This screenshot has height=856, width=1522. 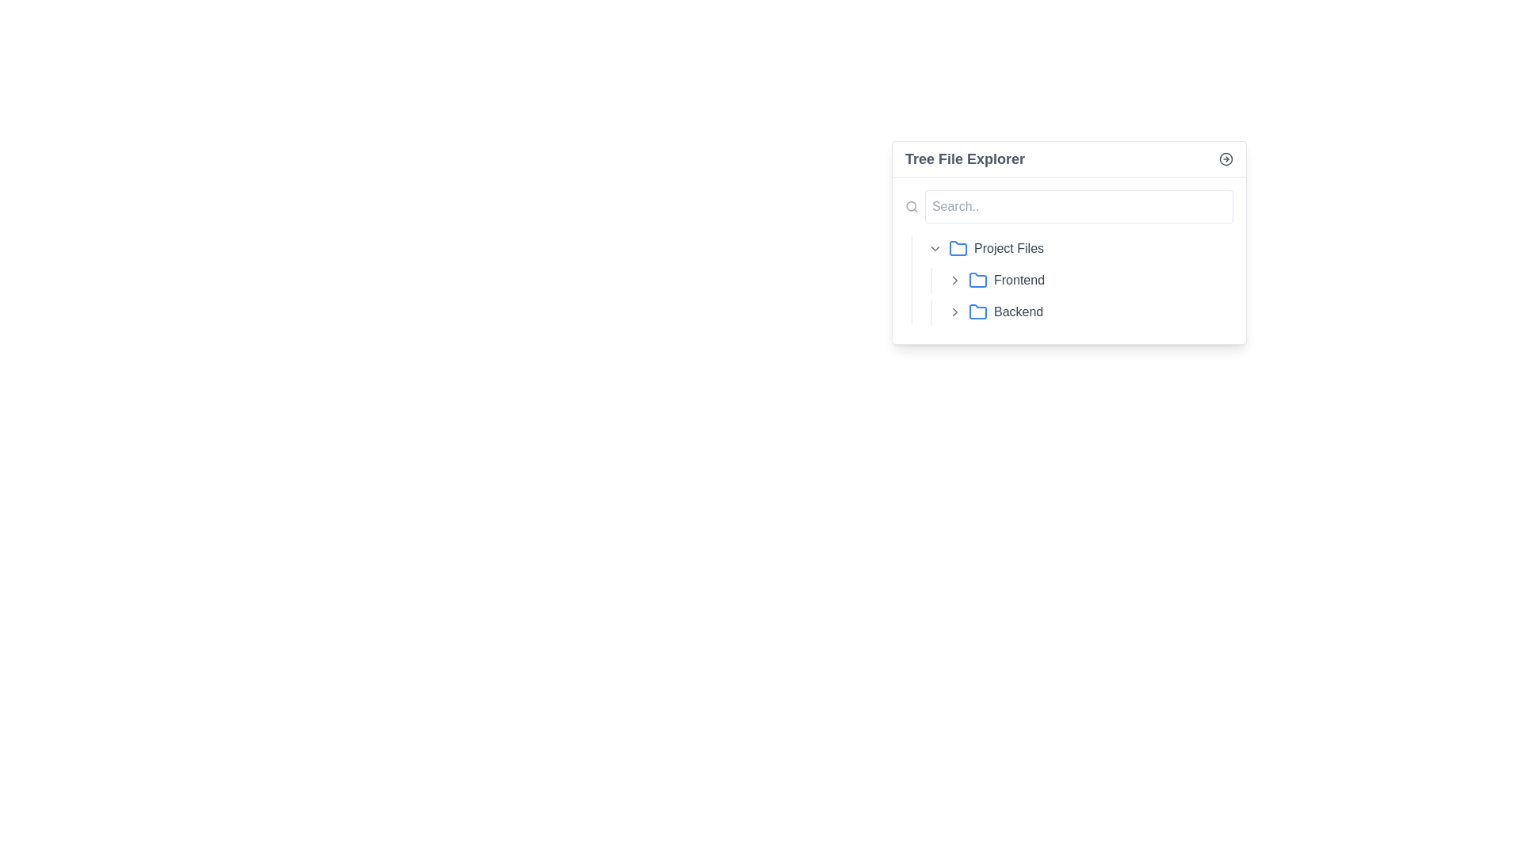 What do you see at coordinates (1088, 311) in the screenshot?
I see `the 'Backend' folder entry in the treeview` at bounding box center [1088, 311].